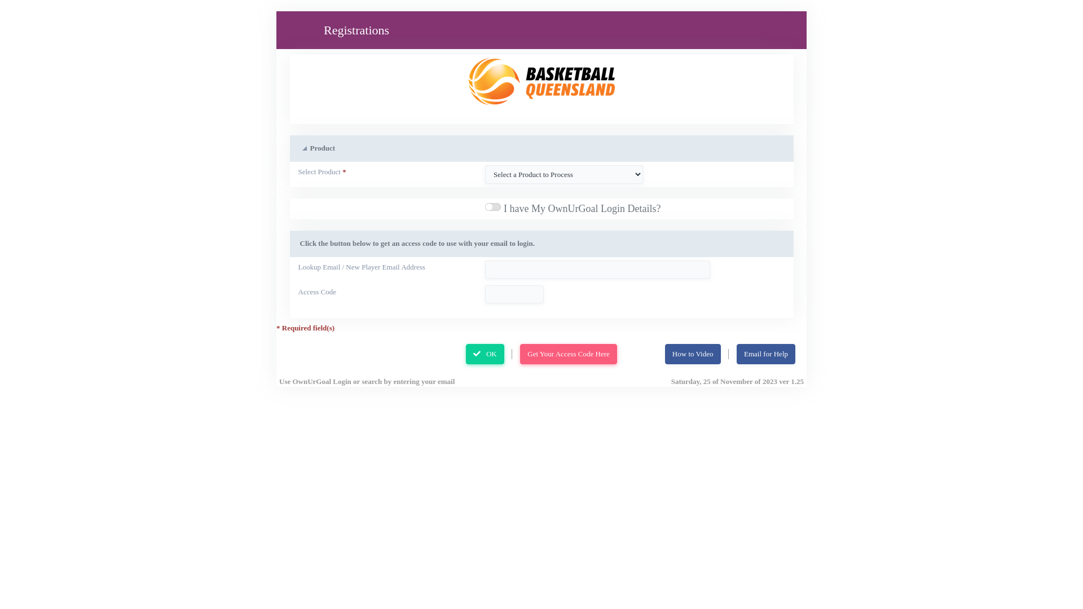  What do you see at coordinates (665, 354) in the screenshot?
I see `'How to Video'` at bounding box center [665, 354].